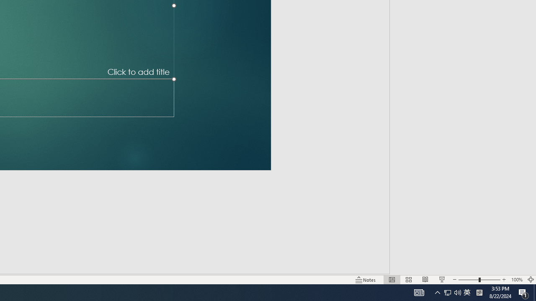  I want to click on 'Zoom', so click(479, 280).